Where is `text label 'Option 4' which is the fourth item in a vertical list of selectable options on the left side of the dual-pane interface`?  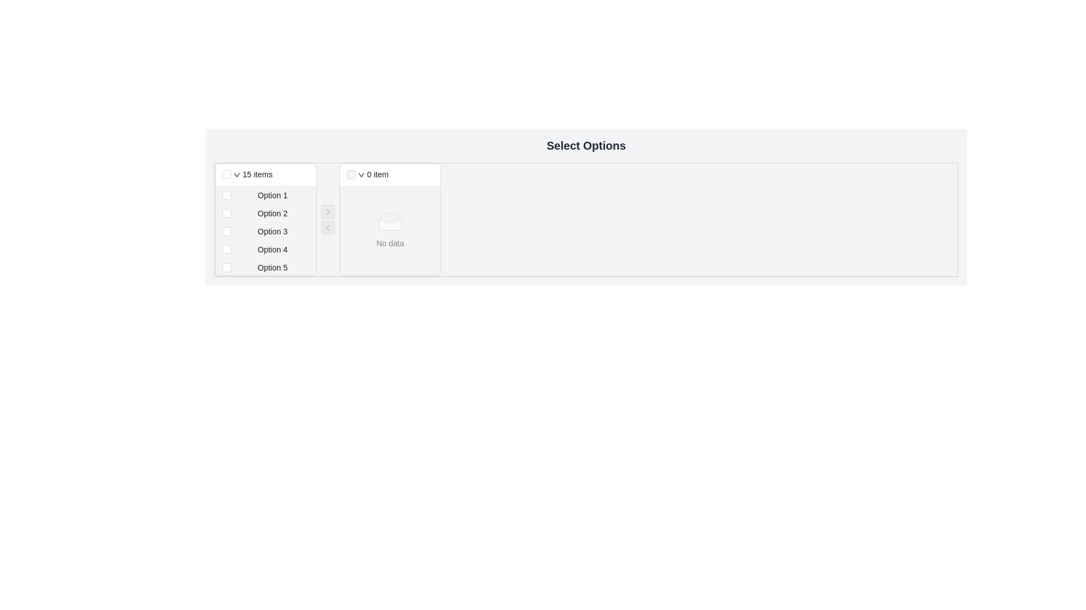
text label 'Option 4' which is the fourth item in a vertical list of selectable options on the left side of the dual-pane interface is located at coordinates (272, 249).